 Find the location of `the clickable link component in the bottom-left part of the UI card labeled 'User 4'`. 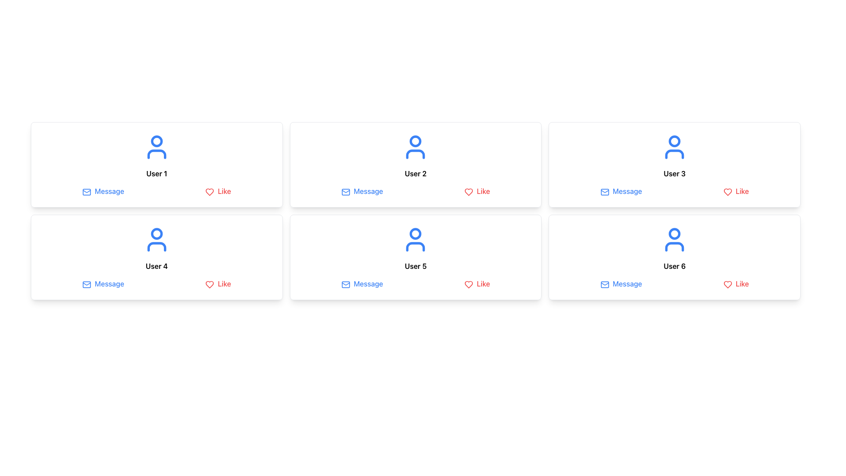

the clickable link component in the bottom-left part of the UI card labeled 'User 4' is located at coordinates (103, 284).